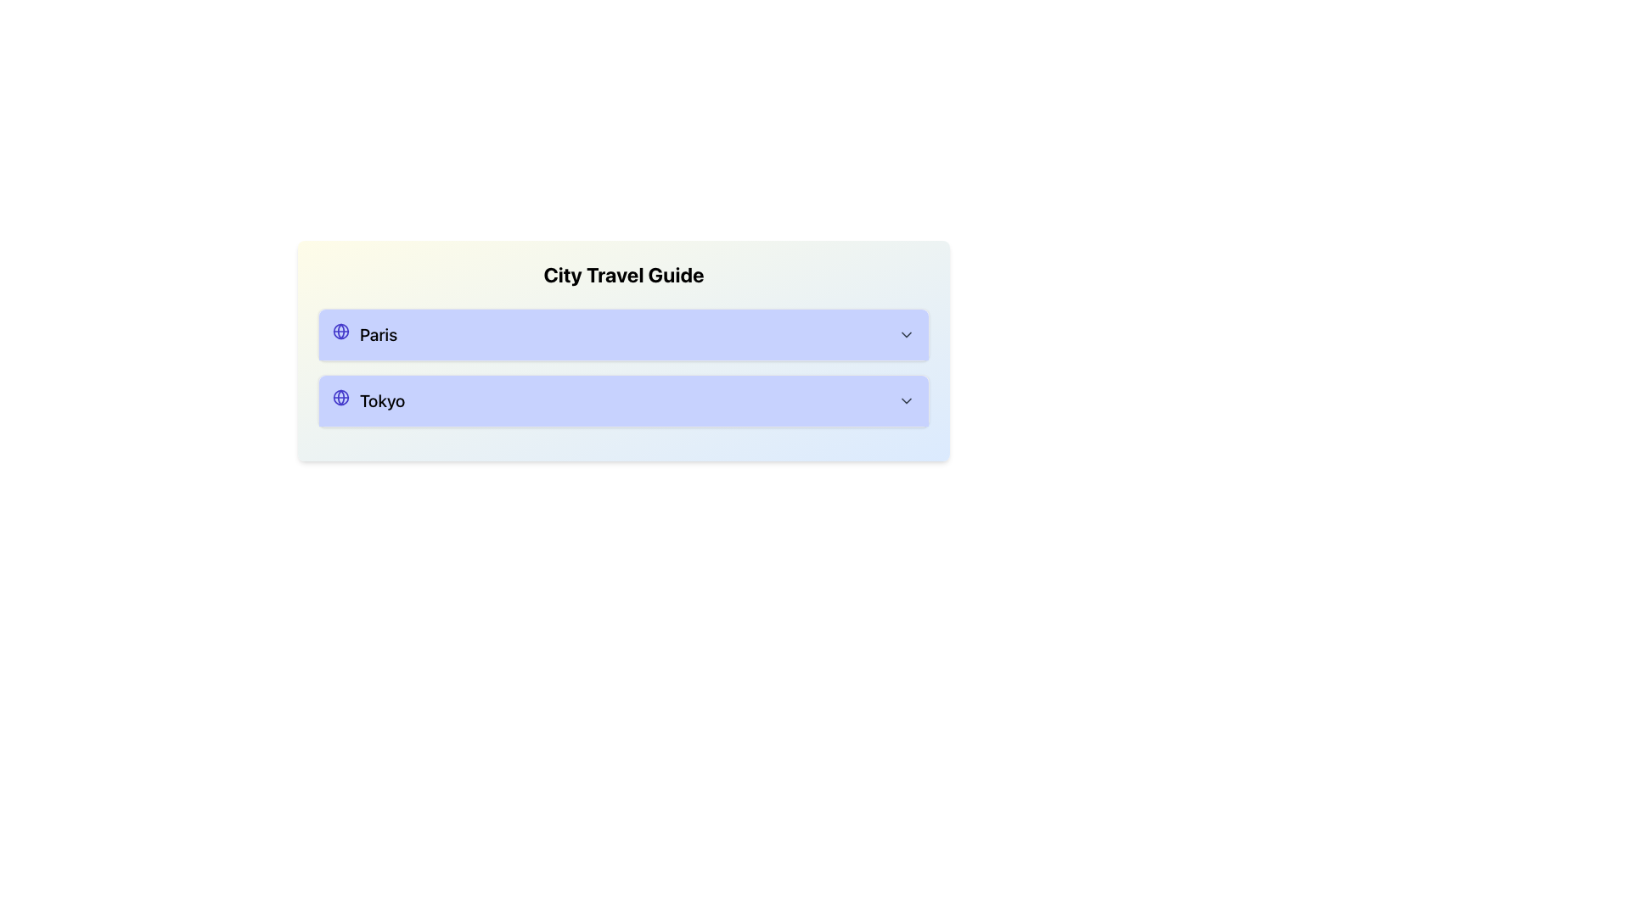 The height and width of the screenshot is (916, 1630). What do you see at coordinates (368, 401) in the screenshot?
I see `the location name label positioned below 'Paris' with a light indigo hoverable background` at bounding box center [368, 401].